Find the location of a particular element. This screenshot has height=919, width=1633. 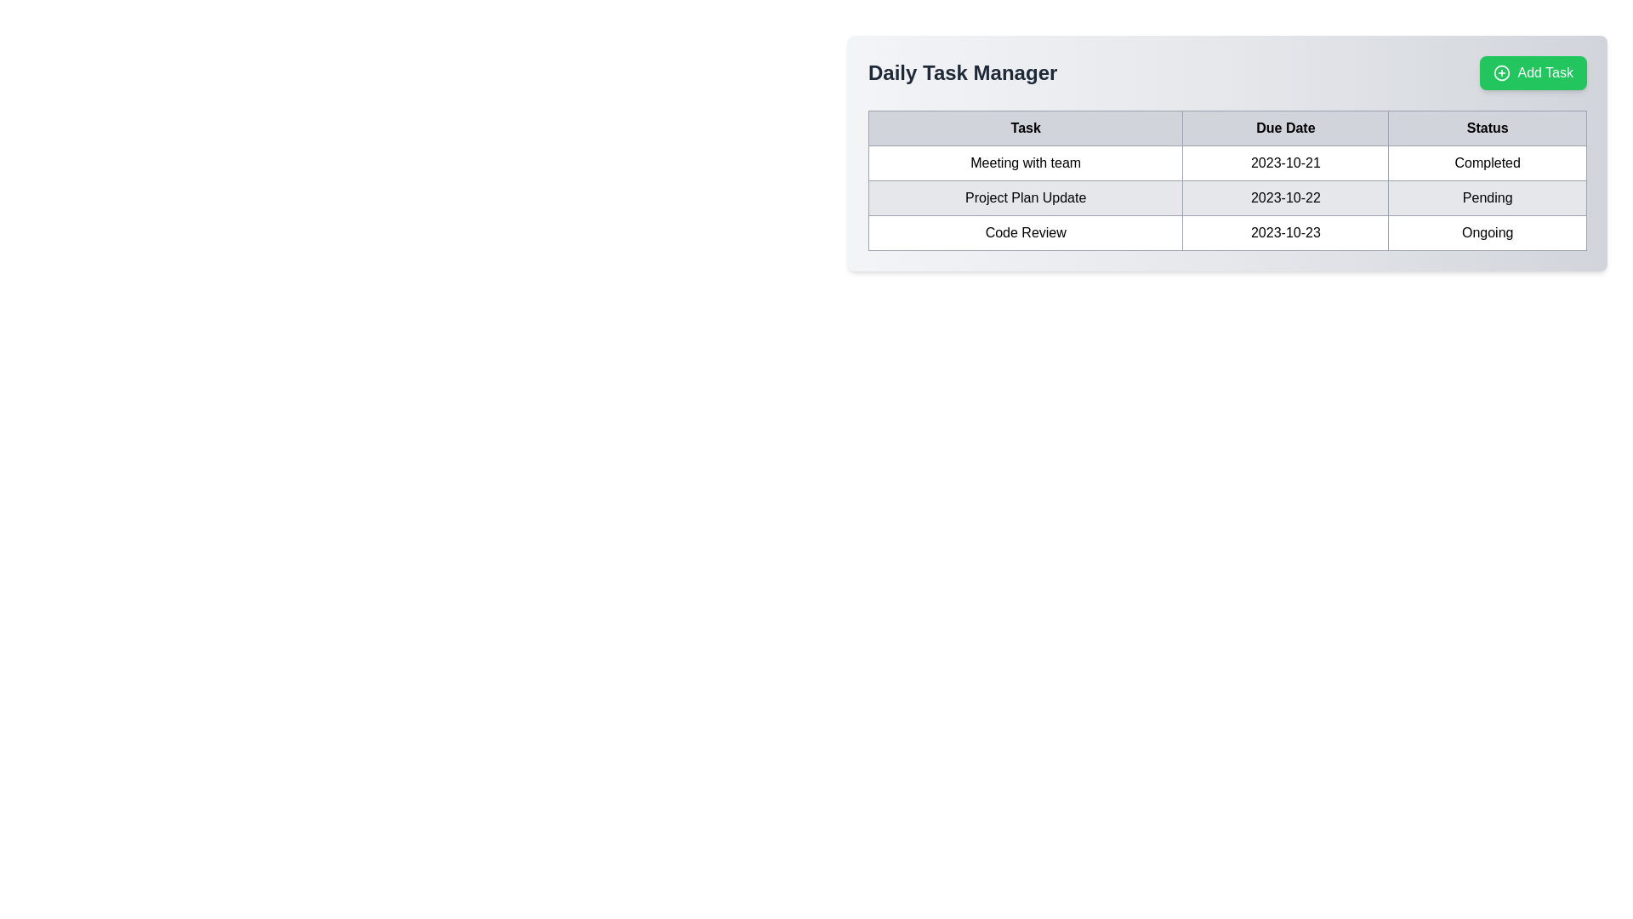

the static text displaying the due date for the 'Project Plan Update' in the second row under the 'Due Date' column is located at coordinates (1285, 197).